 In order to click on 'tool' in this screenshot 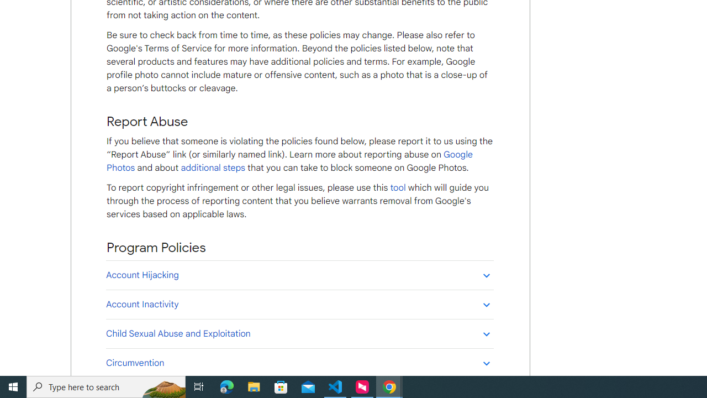, I will do `click(398, 187)`.